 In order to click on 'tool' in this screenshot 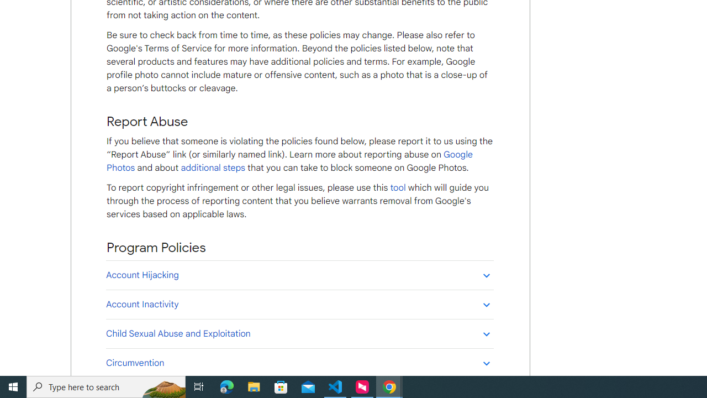, I will do `click(398, 187)`.